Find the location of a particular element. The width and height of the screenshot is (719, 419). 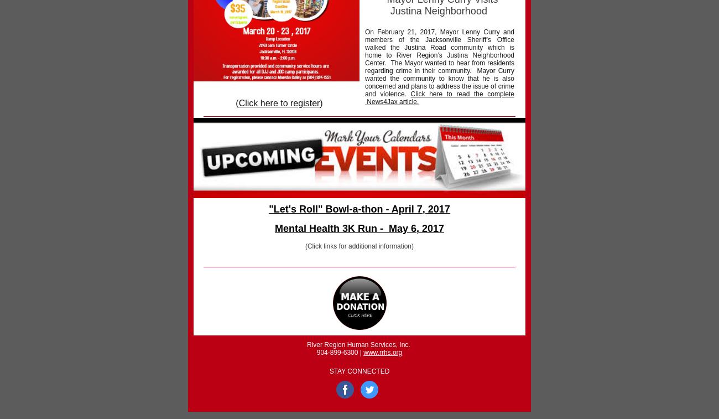

'(' is located at coordinates (236, 102).